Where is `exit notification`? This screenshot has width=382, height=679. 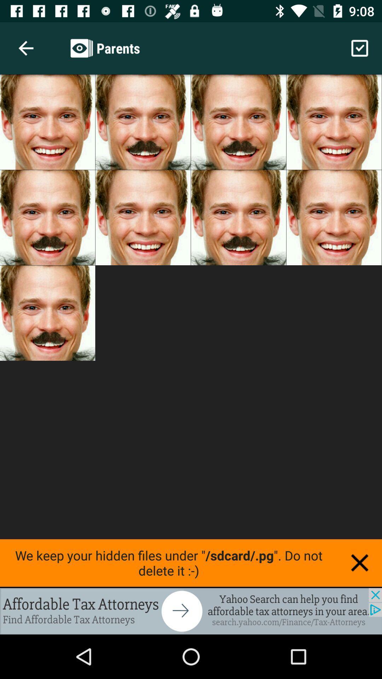
exit notification is located at coordinates (360, 562).